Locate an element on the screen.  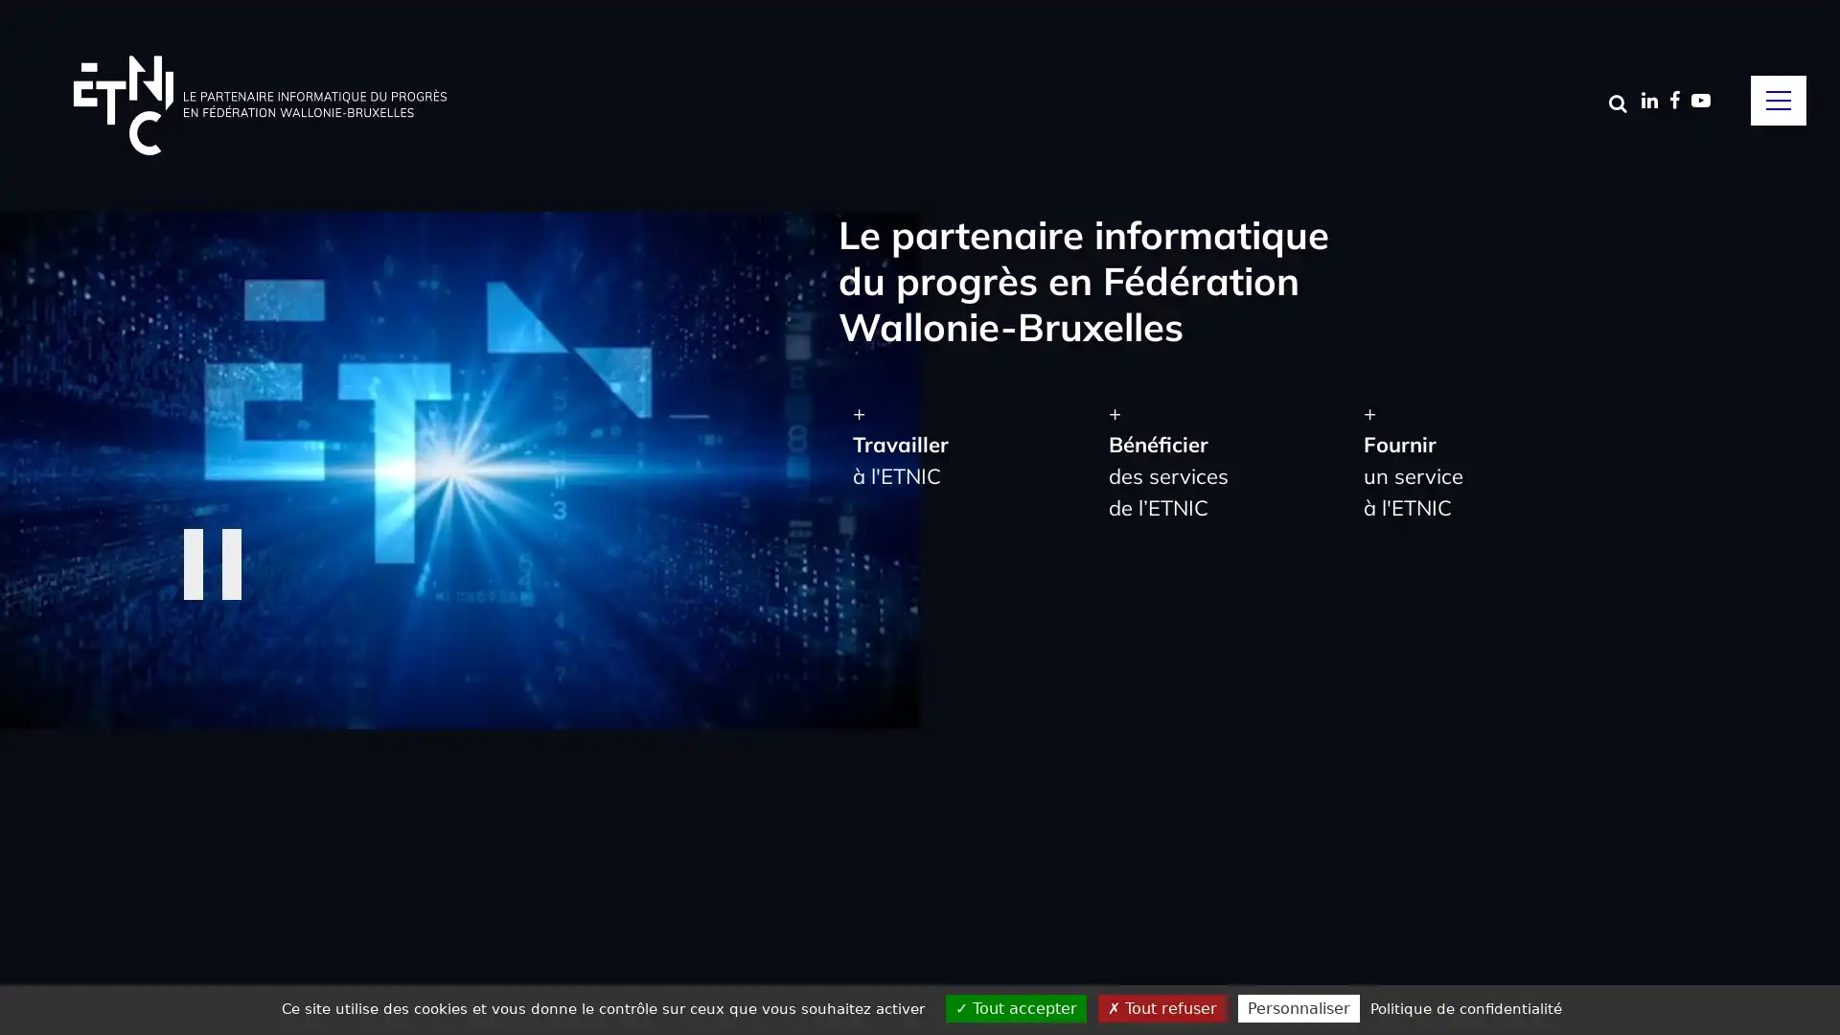
Personnaliser is located at coordinates (1299, 1007).